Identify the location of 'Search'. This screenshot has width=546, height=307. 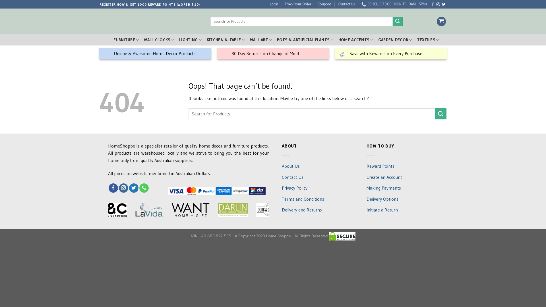
(390, 21).